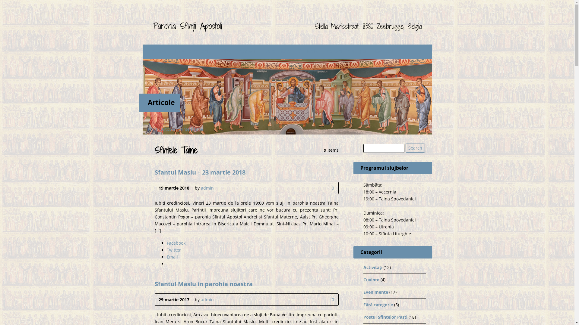 This screenshot has width=579, height=325. I want to click on 'Postul Sfintelor Pasti', so click(384, 317).